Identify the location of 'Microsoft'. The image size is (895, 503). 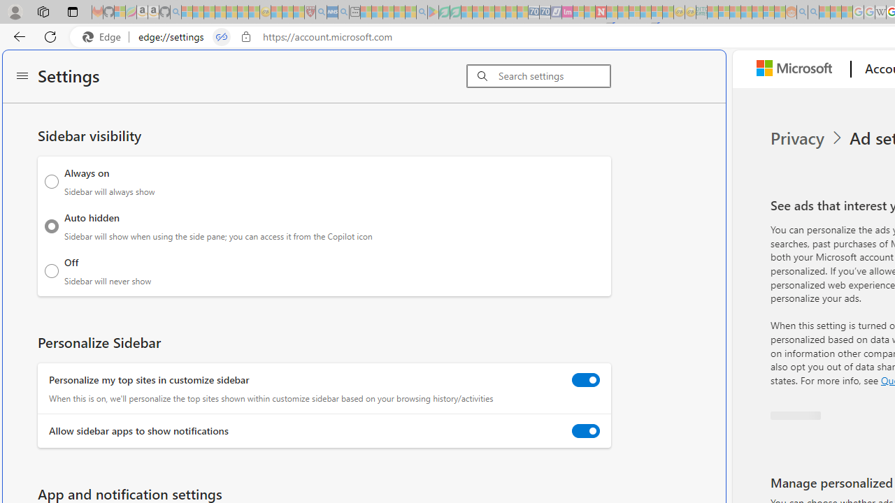
(798, 69).